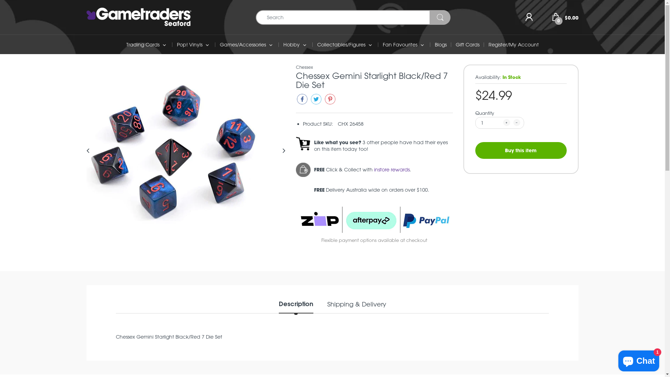 This screenshot has width=670, height=377. I want to click on 'Pop! Vinyls', so click(189, 44).